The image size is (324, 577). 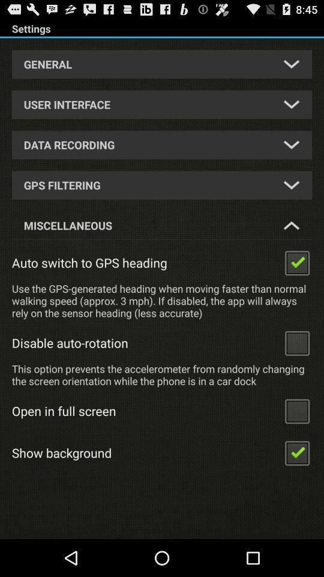 What do you see at coordinates (296, 343) in the screenshot?
I see `disable auto-rotation` at bounding box center [296, 343].